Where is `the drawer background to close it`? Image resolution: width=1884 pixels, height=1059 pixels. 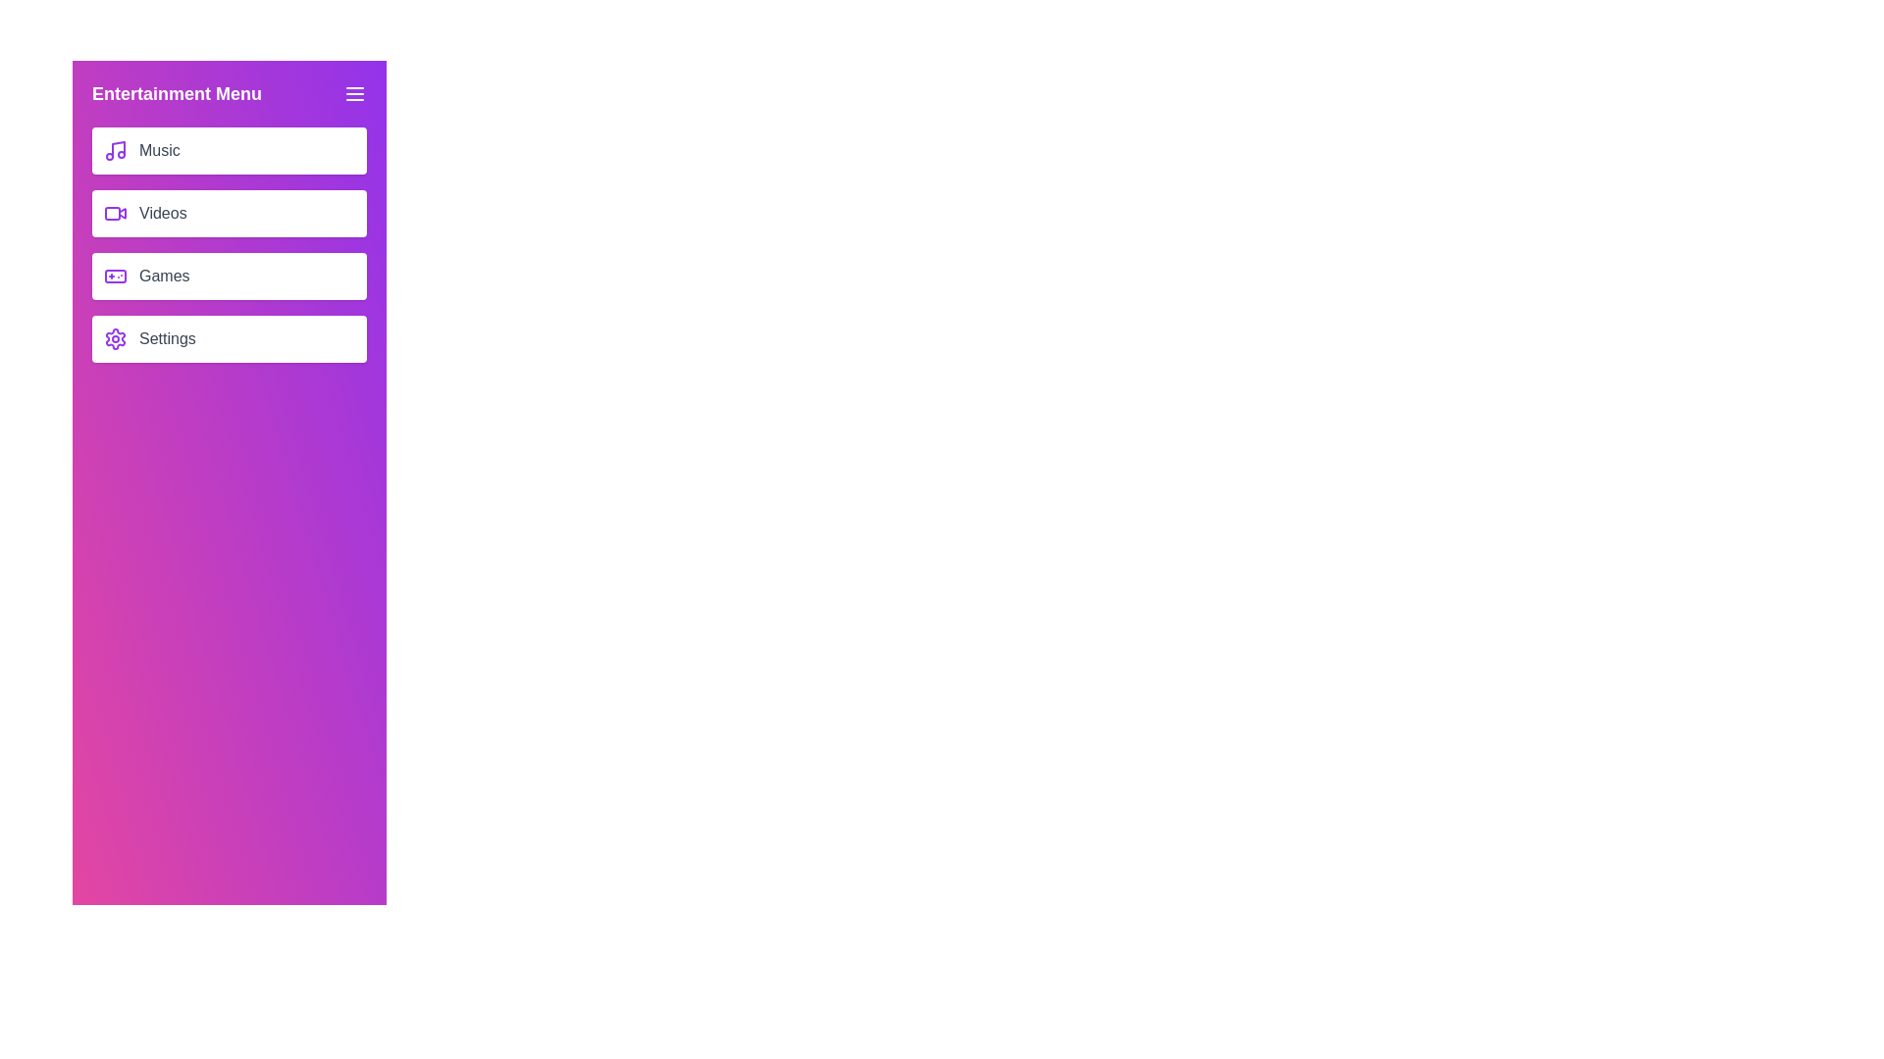 the drawer background to close it is located at coordinates (230, 588).